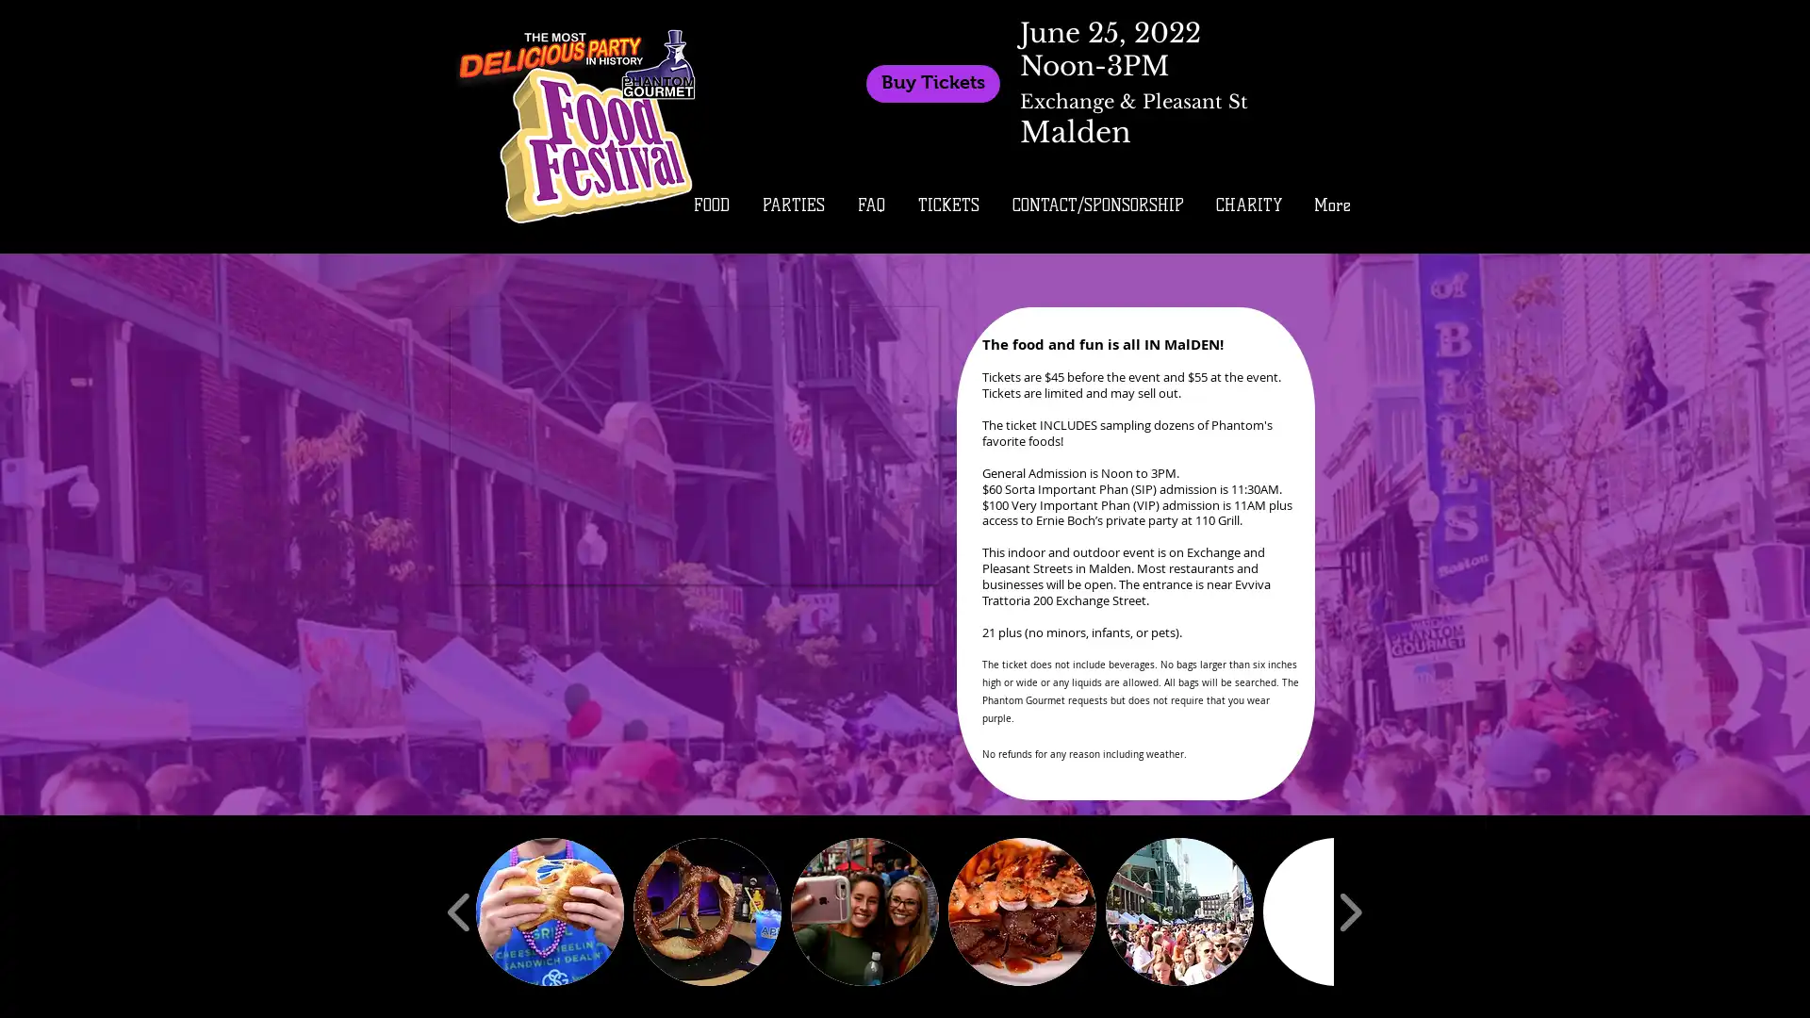 The width and height of the screenshot is (1810, 1018). I want to click on play backward, so click(459, 911).